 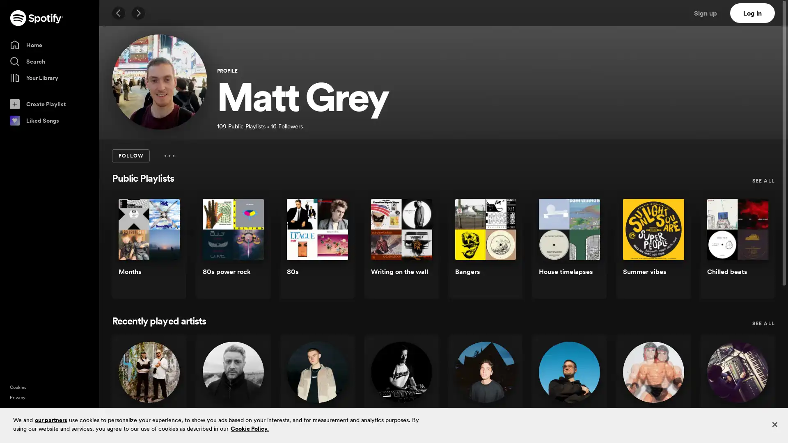 I want to click on Play Moomin, so click(x=755, y=392).